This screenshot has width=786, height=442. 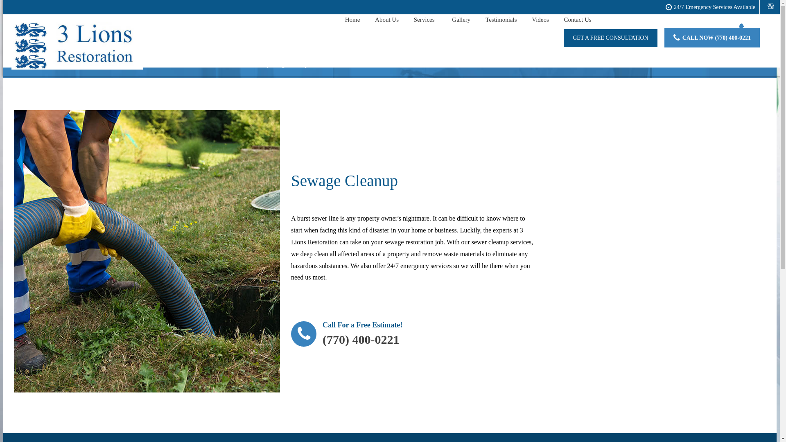 I want to click on 'Gallery', so click(x=461, y=20).